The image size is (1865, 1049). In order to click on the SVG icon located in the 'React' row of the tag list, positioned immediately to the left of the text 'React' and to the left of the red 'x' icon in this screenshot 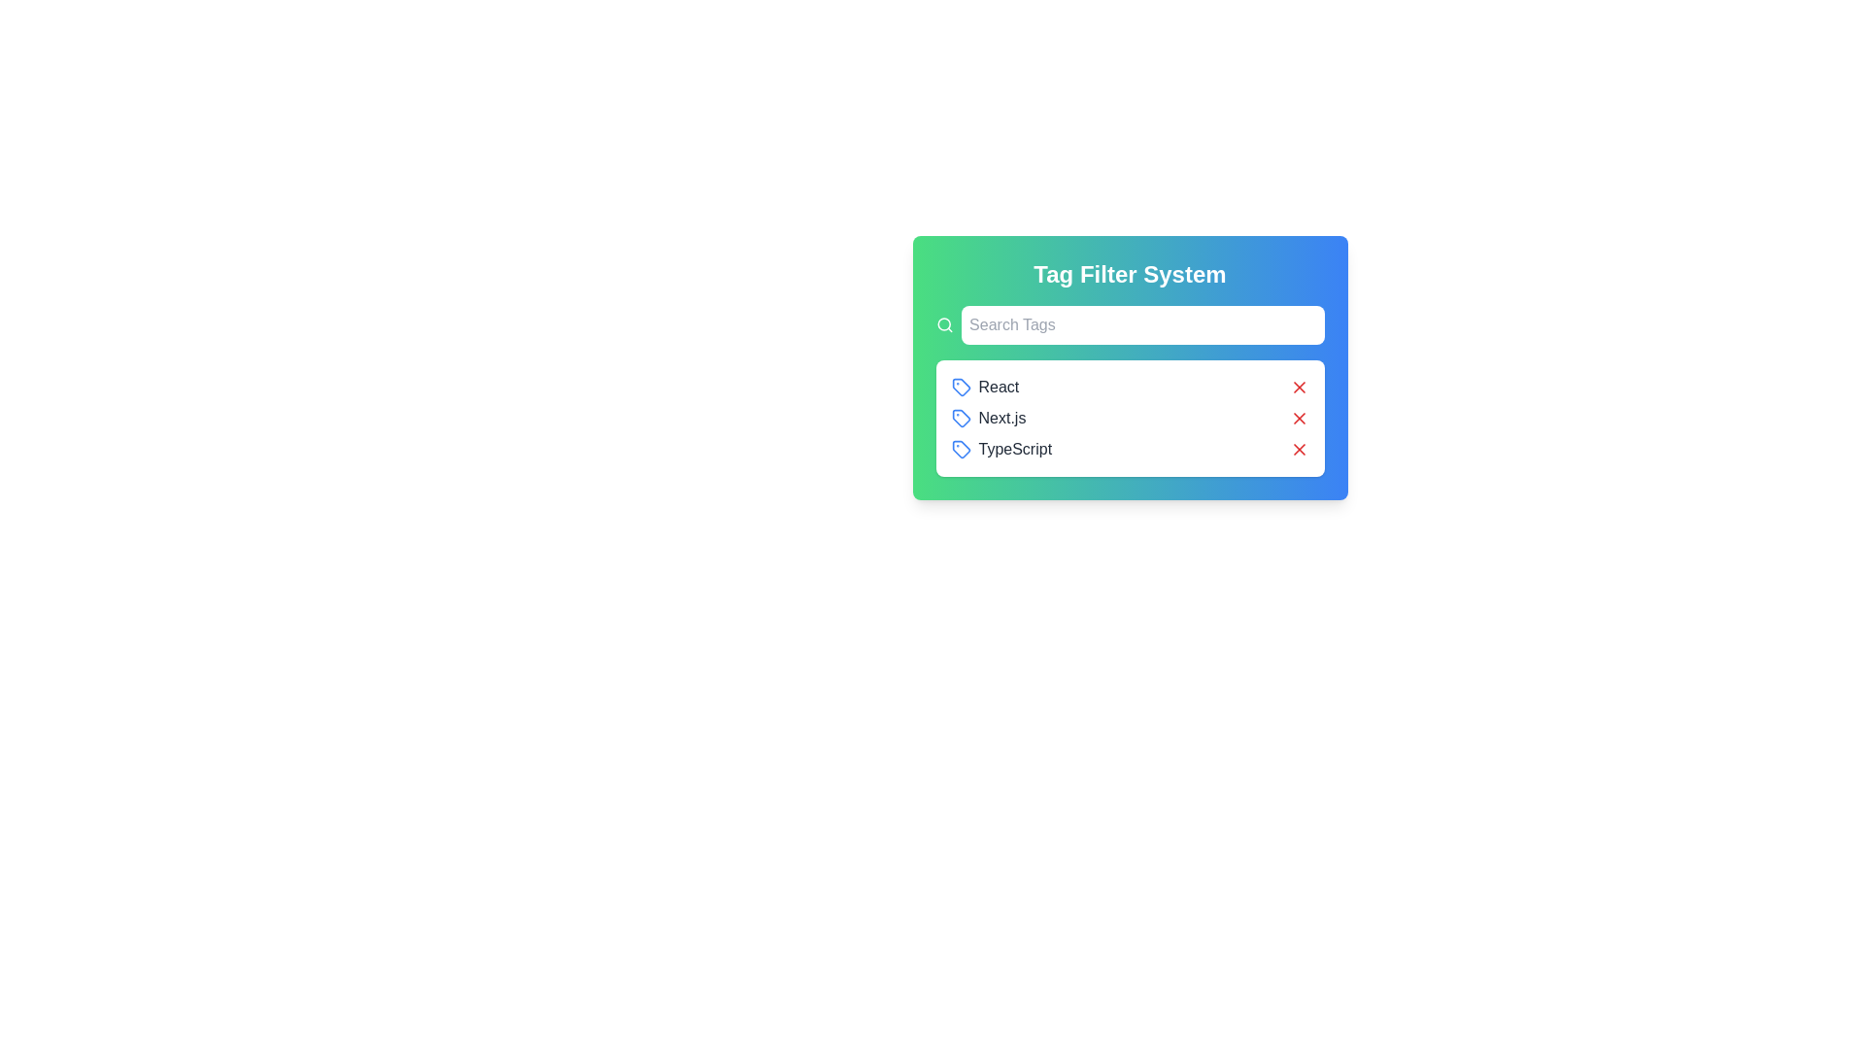, I will do `click(961, 387)`.